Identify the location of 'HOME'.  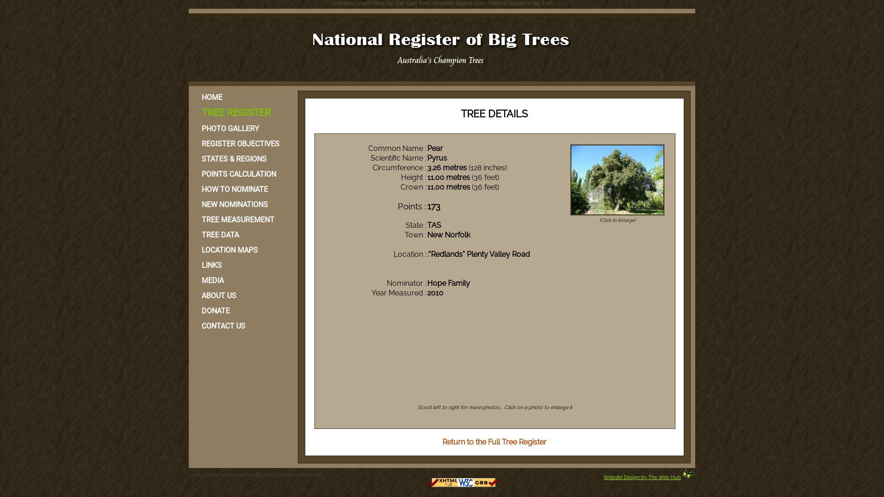
(242, 97).